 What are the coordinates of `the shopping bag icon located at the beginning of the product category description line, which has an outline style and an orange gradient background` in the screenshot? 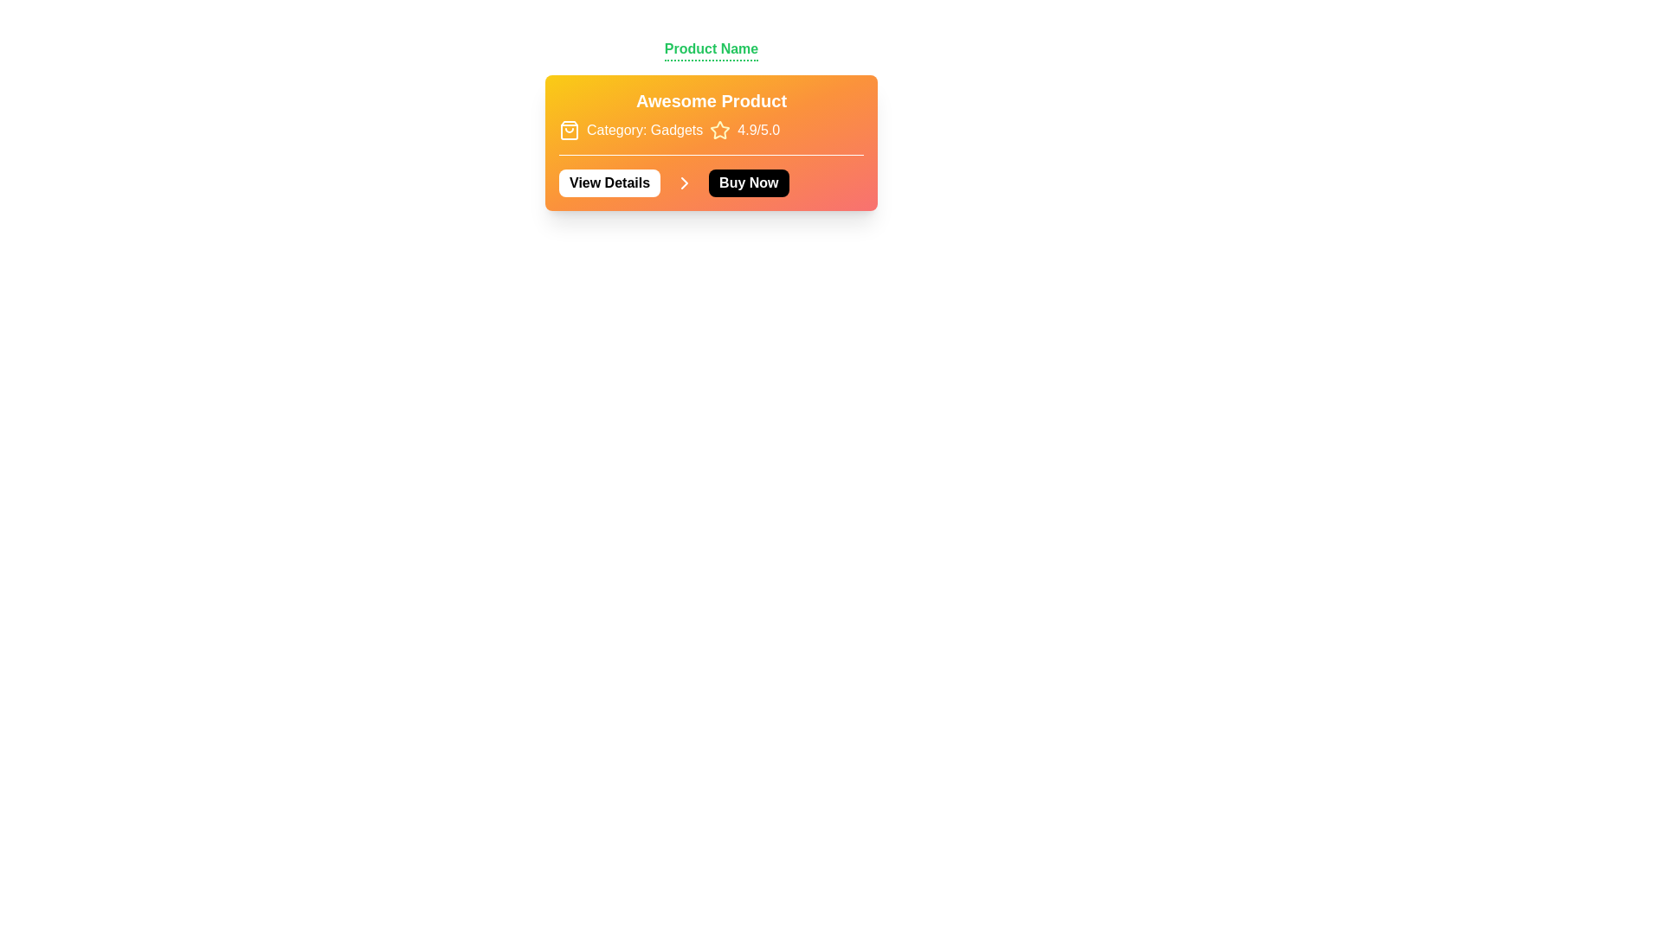 It's located at (569, 129).